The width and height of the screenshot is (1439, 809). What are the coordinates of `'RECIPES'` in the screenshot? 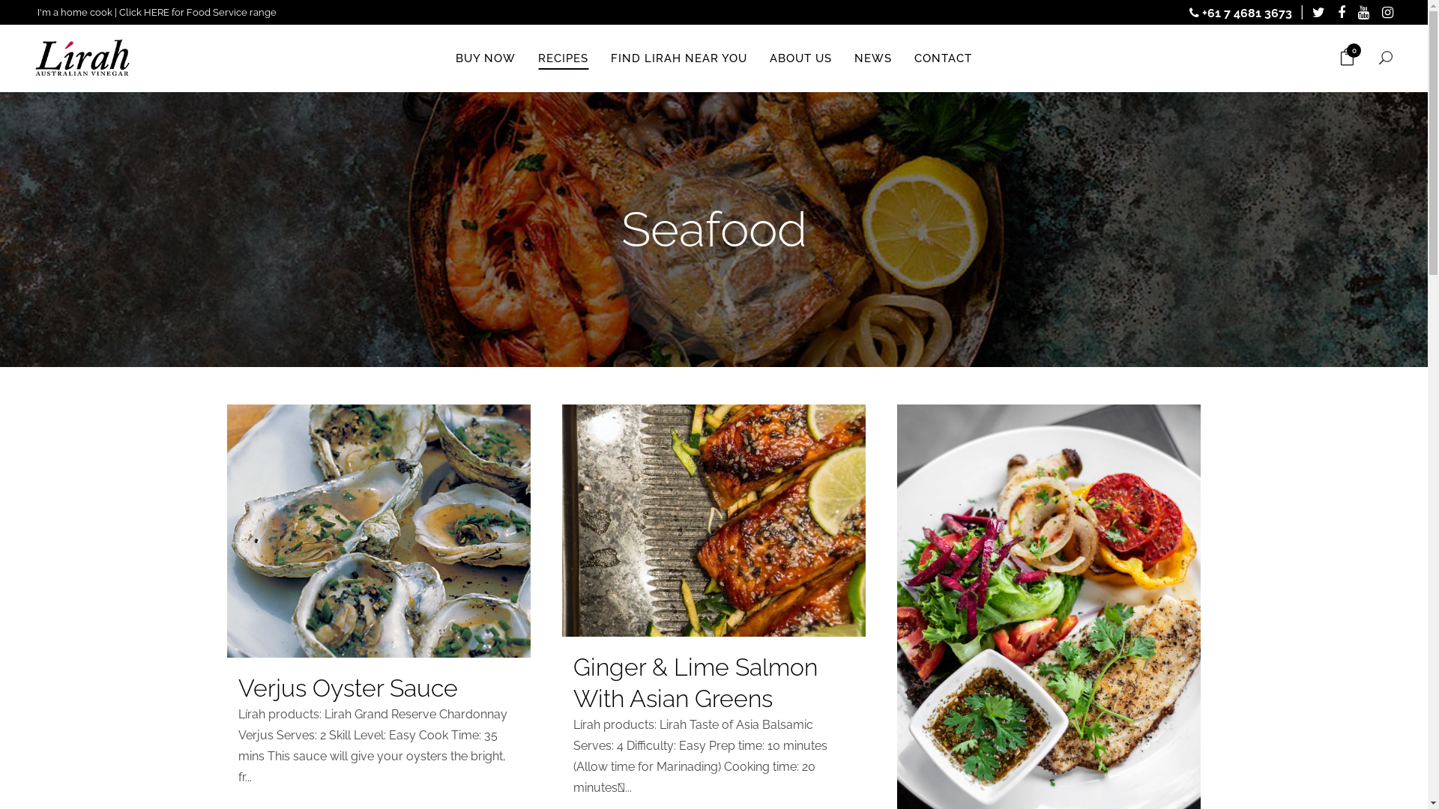 It's located at (526, 57).